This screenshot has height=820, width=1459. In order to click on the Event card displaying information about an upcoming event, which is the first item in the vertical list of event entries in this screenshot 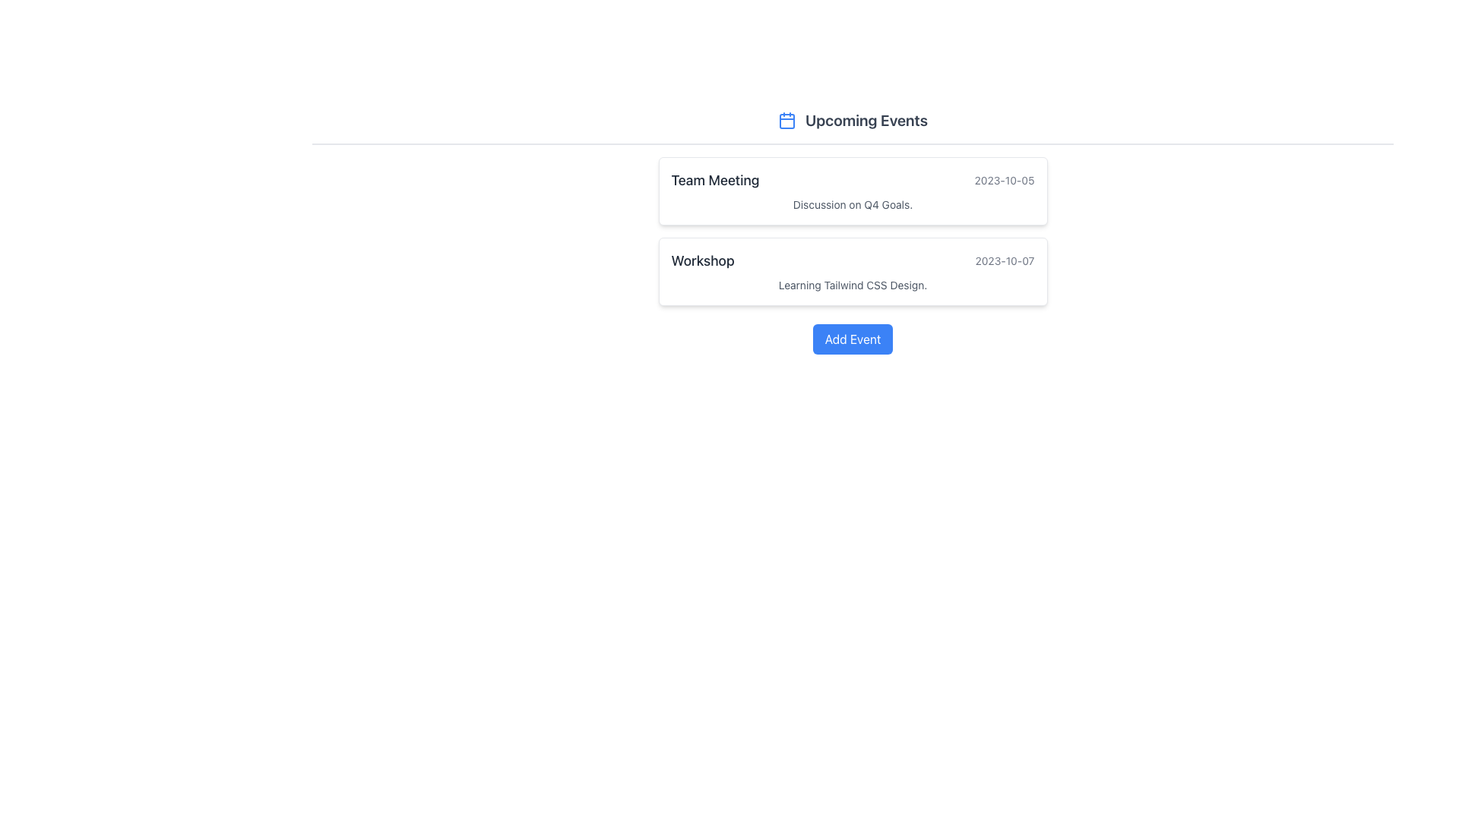, I will do `click(853, 190)`.